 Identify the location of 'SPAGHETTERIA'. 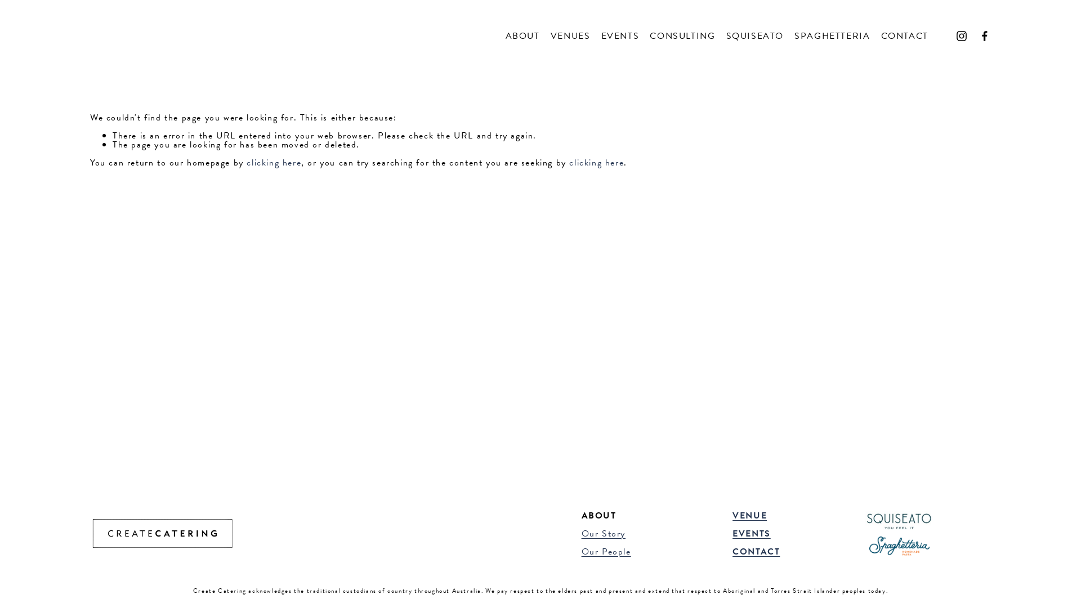
(832, 35).